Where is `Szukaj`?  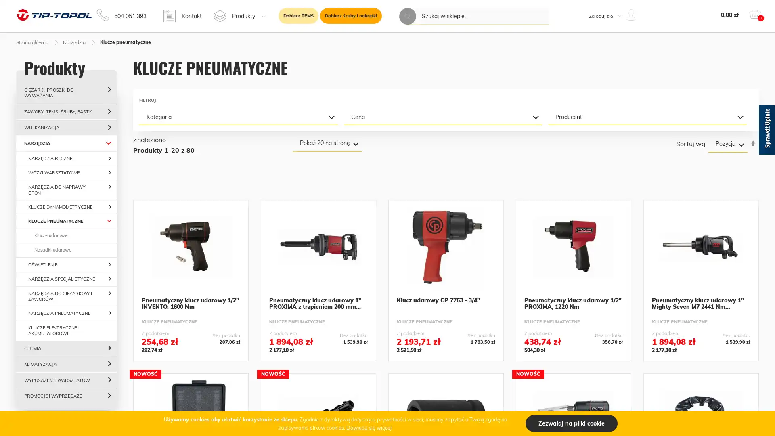 Szukaj is located at coordinates (407, 16).